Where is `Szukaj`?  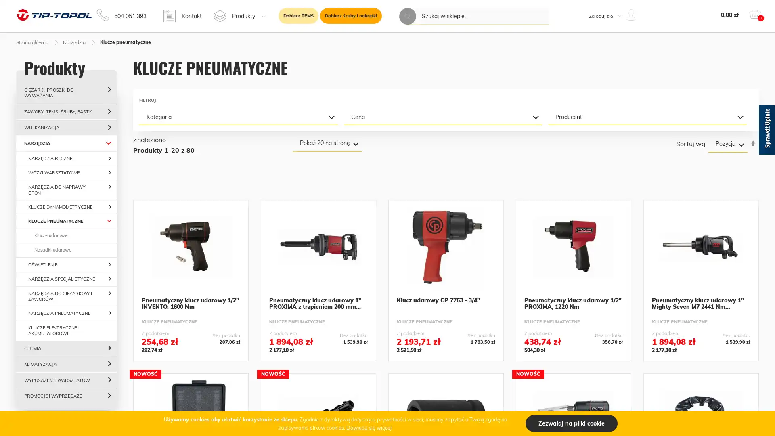 Szukaj is located at coordinates (407, 16).